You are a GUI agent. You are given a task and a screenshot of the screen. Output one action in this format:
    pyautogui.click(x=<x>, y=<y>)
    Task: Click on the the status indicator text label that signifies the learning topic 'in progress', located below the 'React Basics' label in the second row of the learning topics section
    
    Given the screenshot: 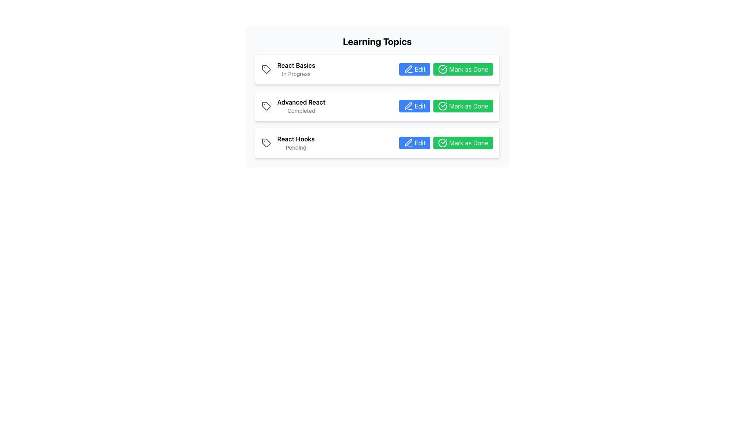 What is the action you would take?
    pyautogui.click(x=296, y=74)
    